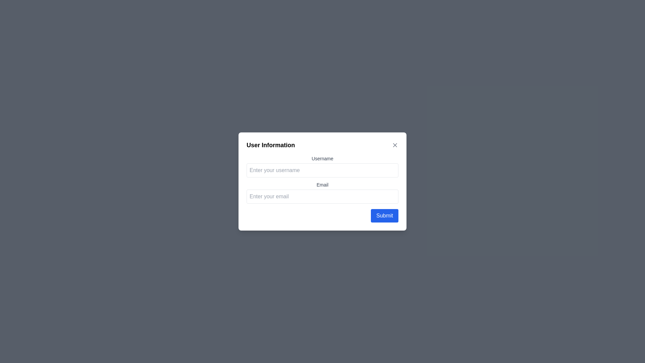  What do you see at coordinates (385, 215) in the screenshot?
I see `the form submission button located at the bottom-right of the modal dialog box` at bounding box center [385, 215].